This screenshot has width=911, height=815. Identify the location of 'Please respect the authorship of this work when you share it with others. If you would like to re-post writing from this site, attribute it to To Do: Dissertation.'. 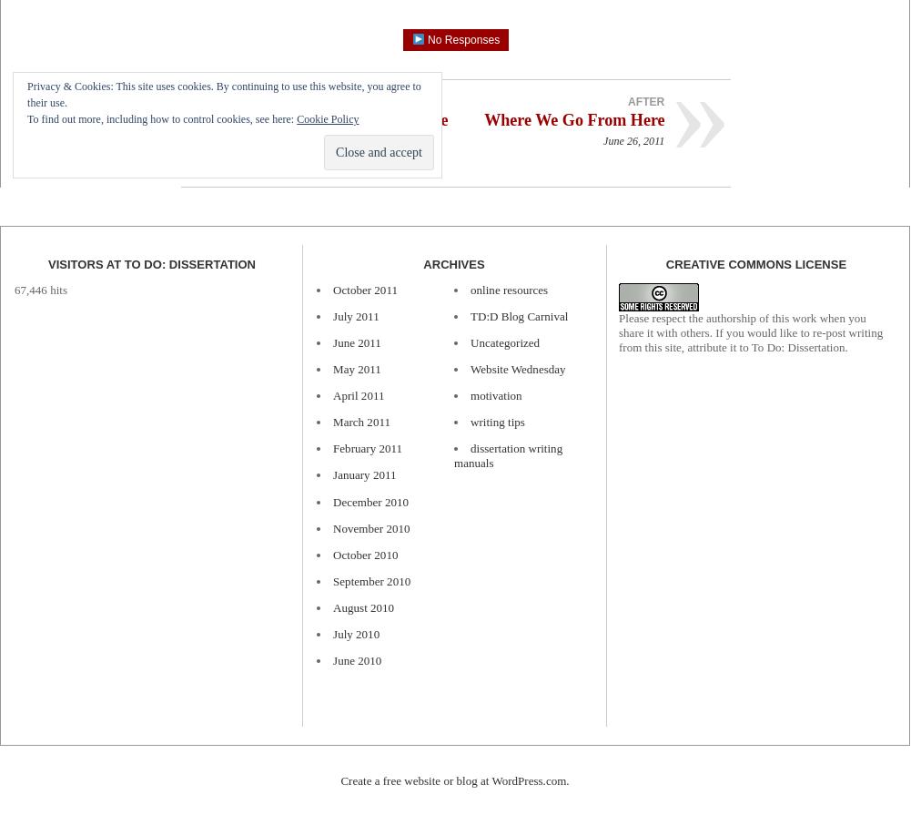
(750, 331).